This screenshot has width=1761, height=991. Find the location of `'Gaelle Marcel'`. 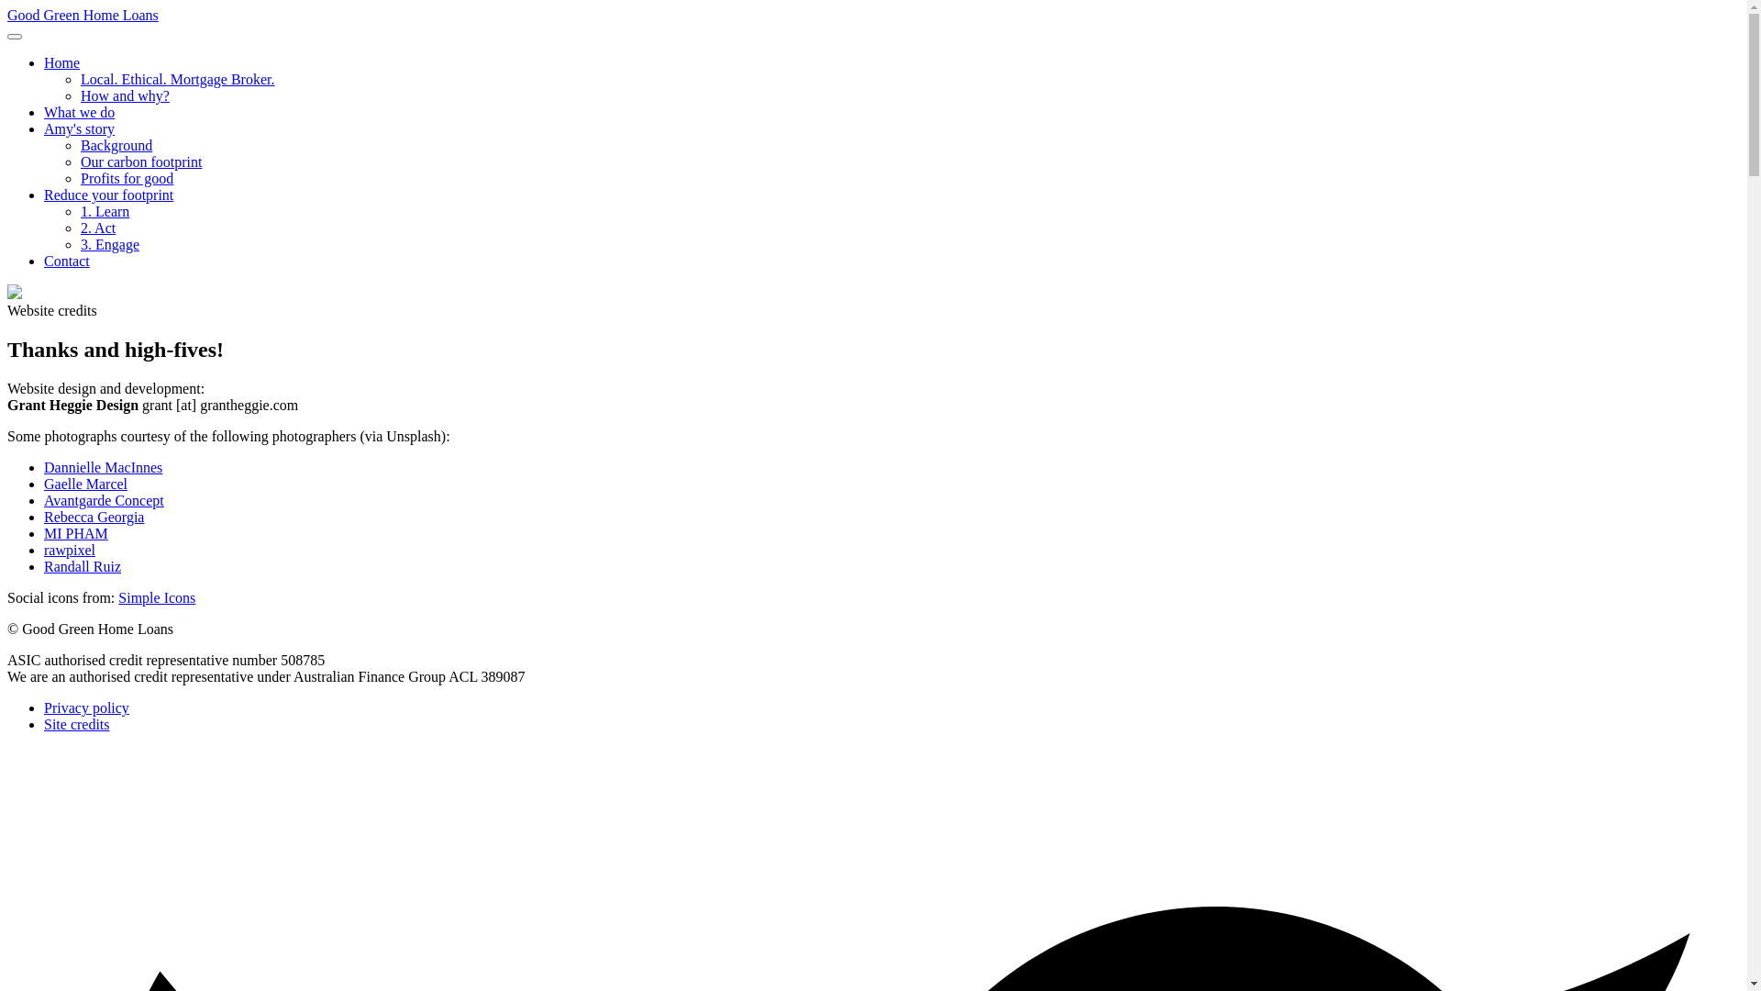

'Gaelle Marcel' is located at coordinates (44, 483).